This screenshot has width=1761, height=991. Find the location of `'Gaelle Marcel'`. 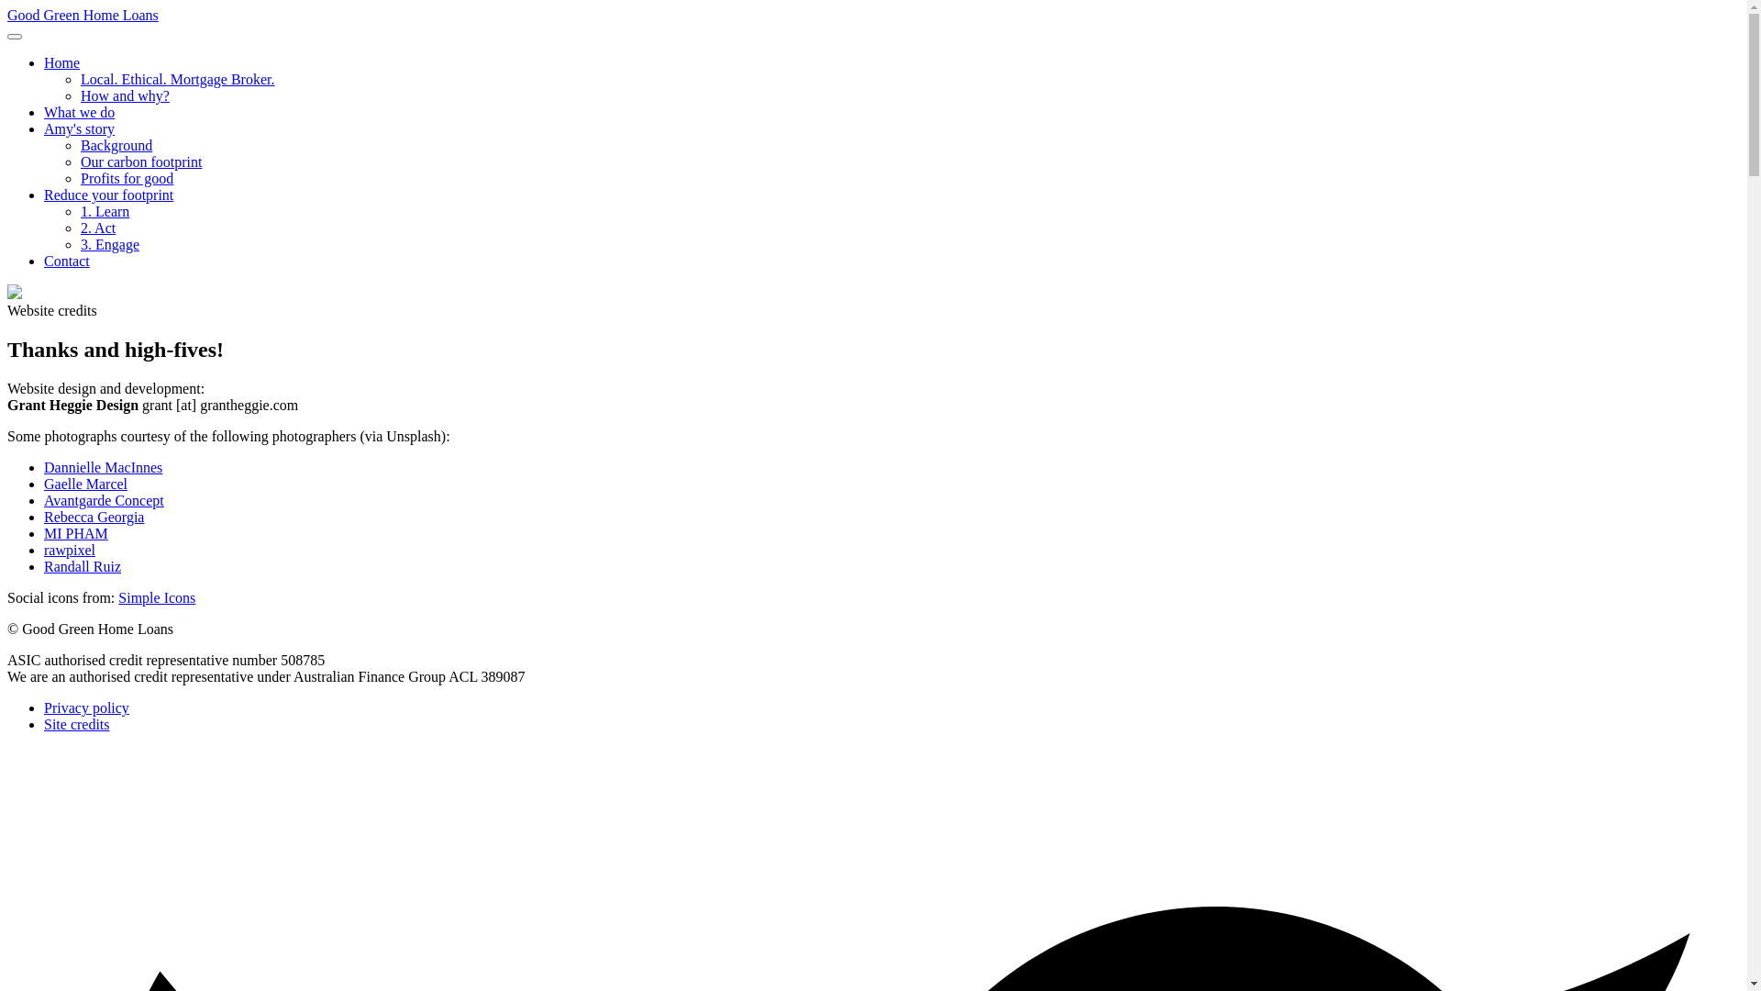

'Gaelle Marcel' is located at coordinates (44, 483).